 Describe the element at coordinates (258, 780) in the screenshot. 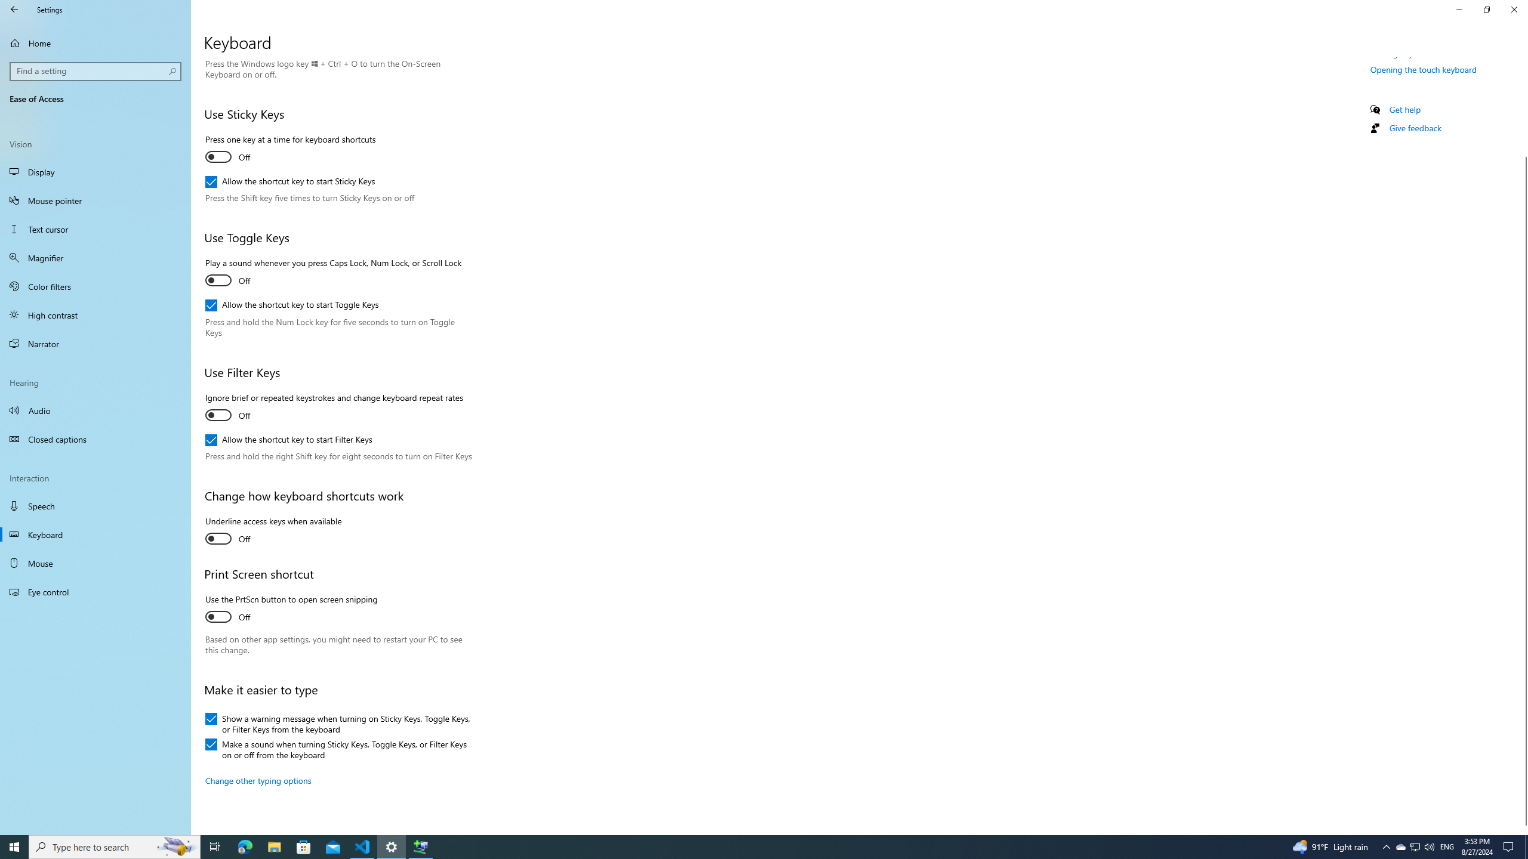

I see `'Change other typing options'` at that location.